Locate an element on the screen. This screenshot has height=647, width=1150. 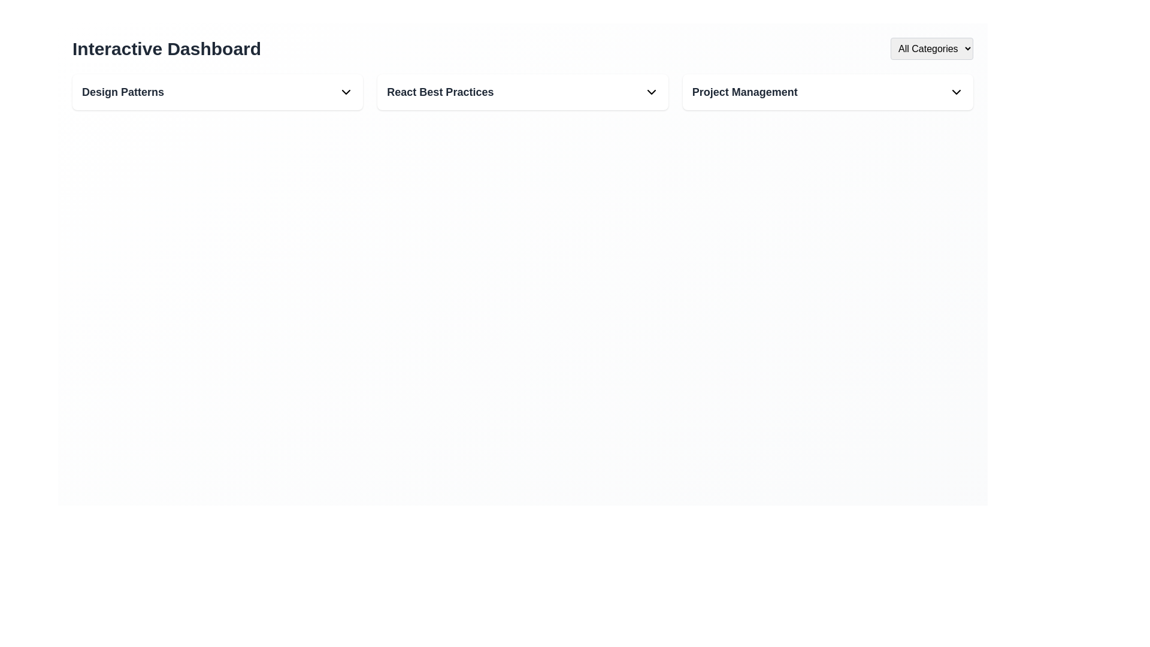
the text label located at the top-center of the interface, positioned between the 'Design Patterns' and 'Project Management' dropdown components is located at coordinates (440, 92).